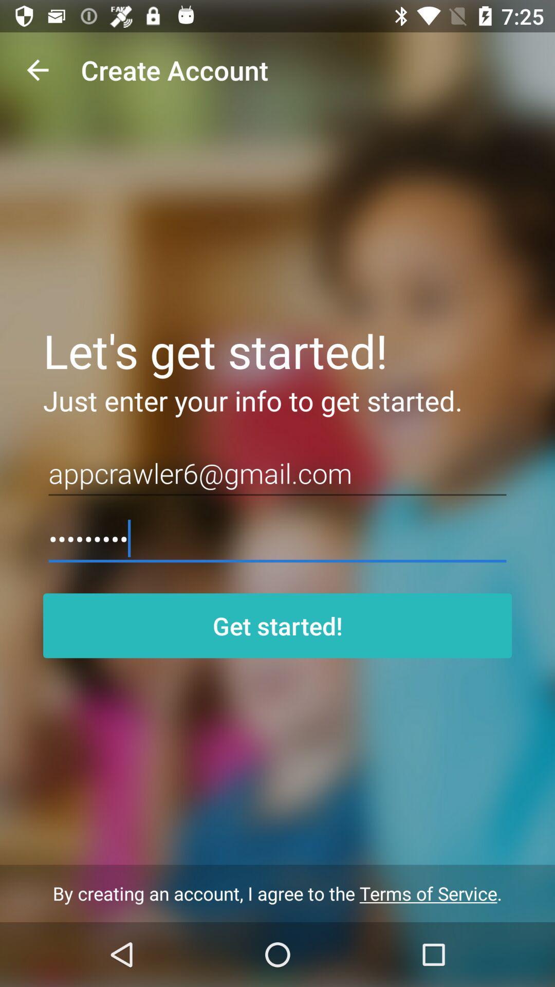 The height and width of the screenshot is (987, 555). I want to click on icon below get started!, so click(277, 893).